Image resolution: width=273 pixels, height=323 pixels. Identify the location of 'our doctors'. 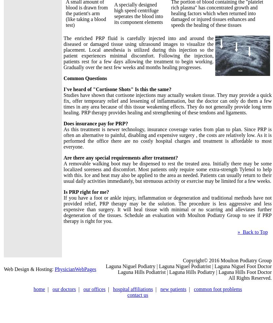
(64, 289).